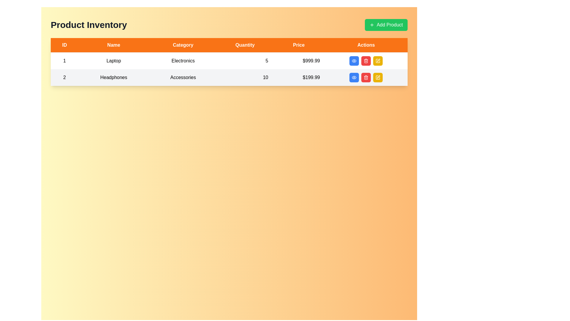 This screenshot has height=321, width=570. What do you see at coordinates (378, 61) in the screenshot?
I see `the 'edit' button located in the 'Actions' column of the second row in the product inventory table` at bounding box center [378, 61].